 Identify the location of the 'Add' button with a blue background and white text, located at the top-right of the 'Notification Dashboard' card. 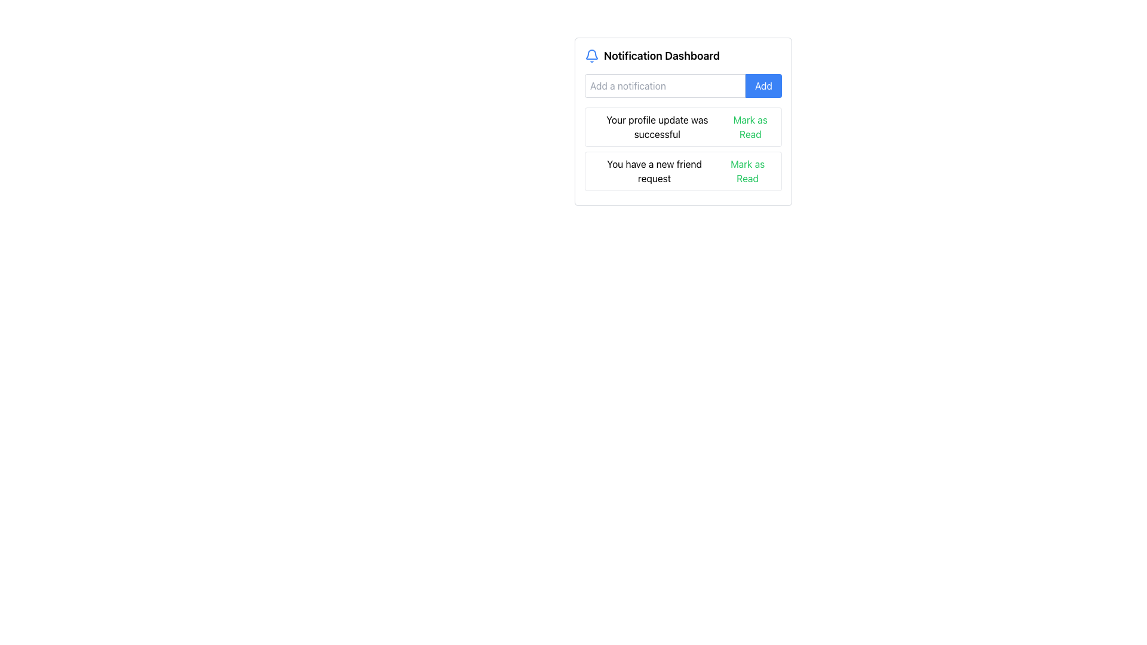
(763, 85).